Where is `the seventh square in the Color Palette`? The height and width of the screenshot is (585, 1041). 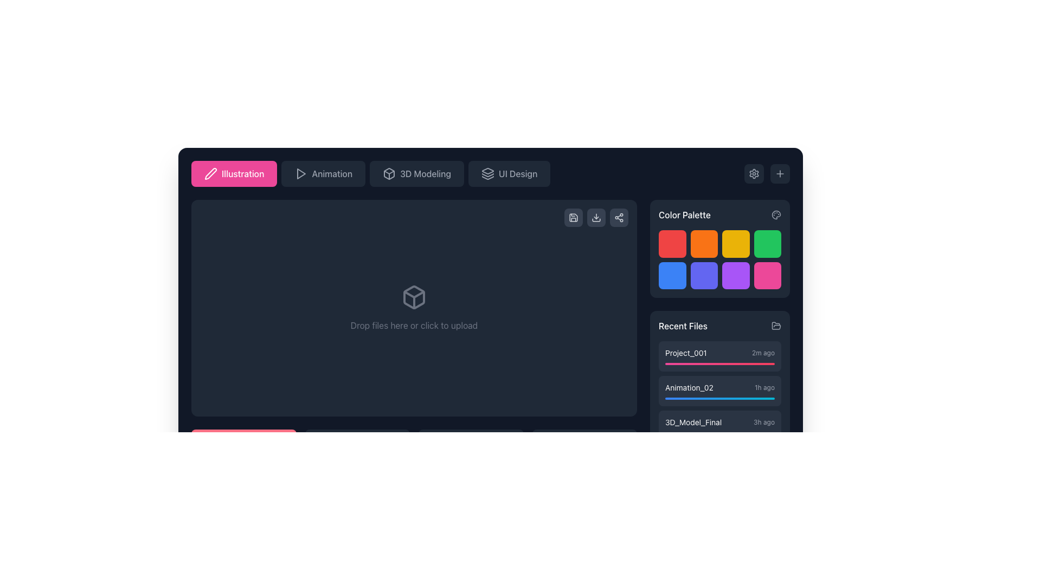 the seventh square in the Color Palette is located at coordinates (736, 275).